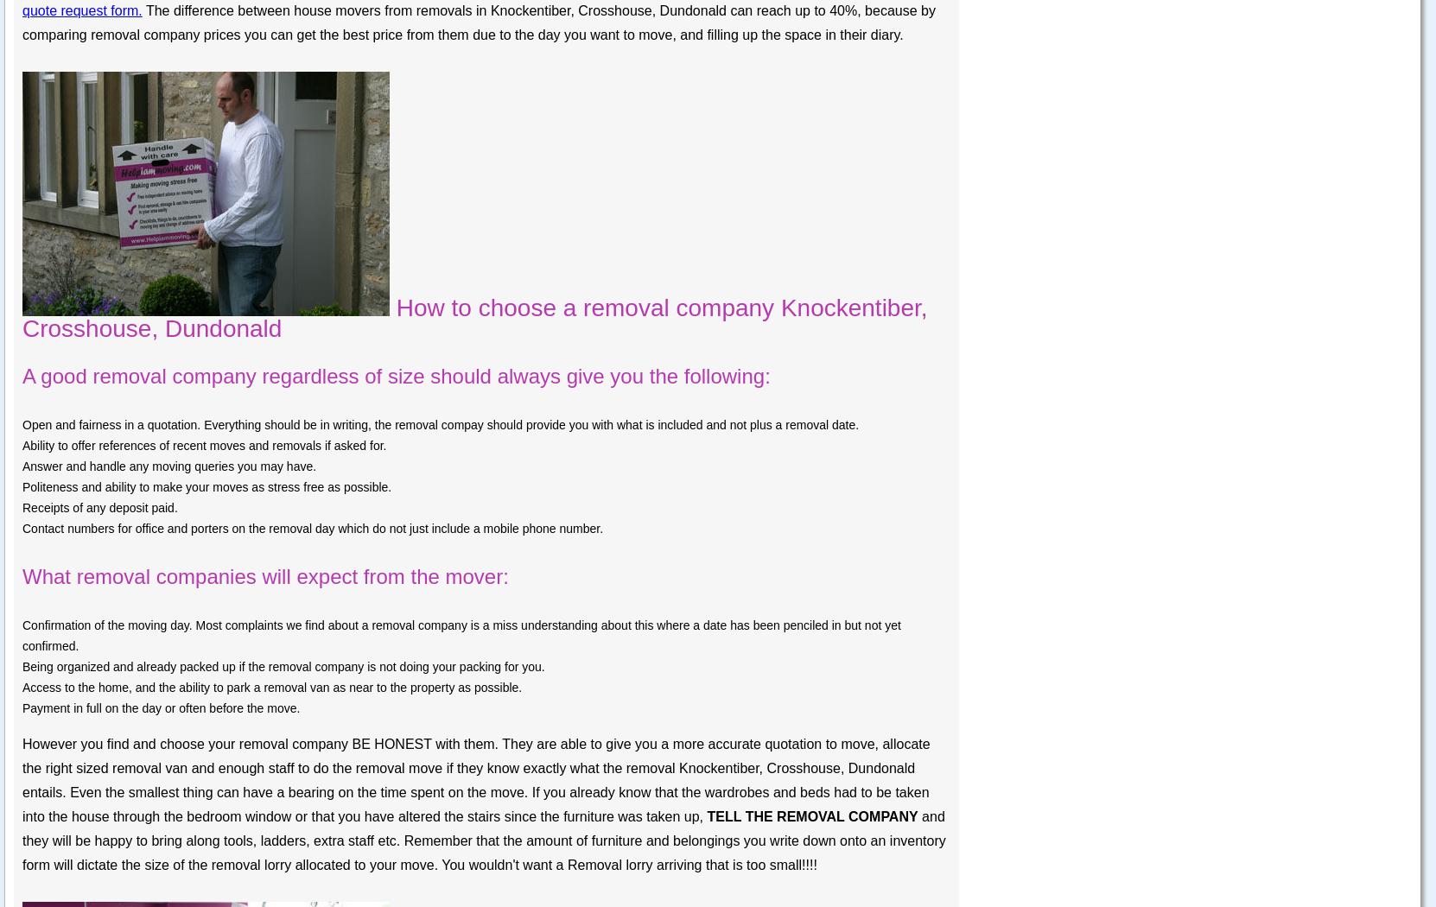  Describe the element at coordinates (473, 316) in the screenshot. I see `'How to choose a removal company Knockentiber, Crosshouse, Dundonald'` at that location.